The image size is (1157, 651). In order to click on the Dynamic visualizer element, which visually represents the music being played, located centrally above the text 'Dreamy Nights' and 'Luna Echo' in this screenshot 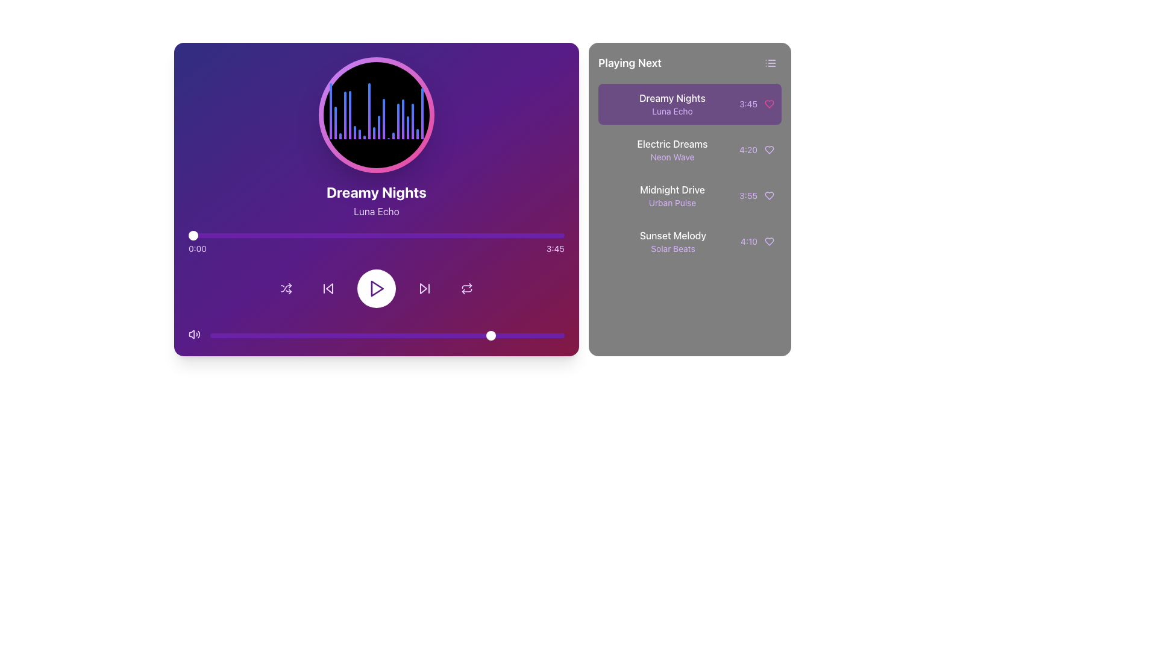, I will do `click(375, 137)`.